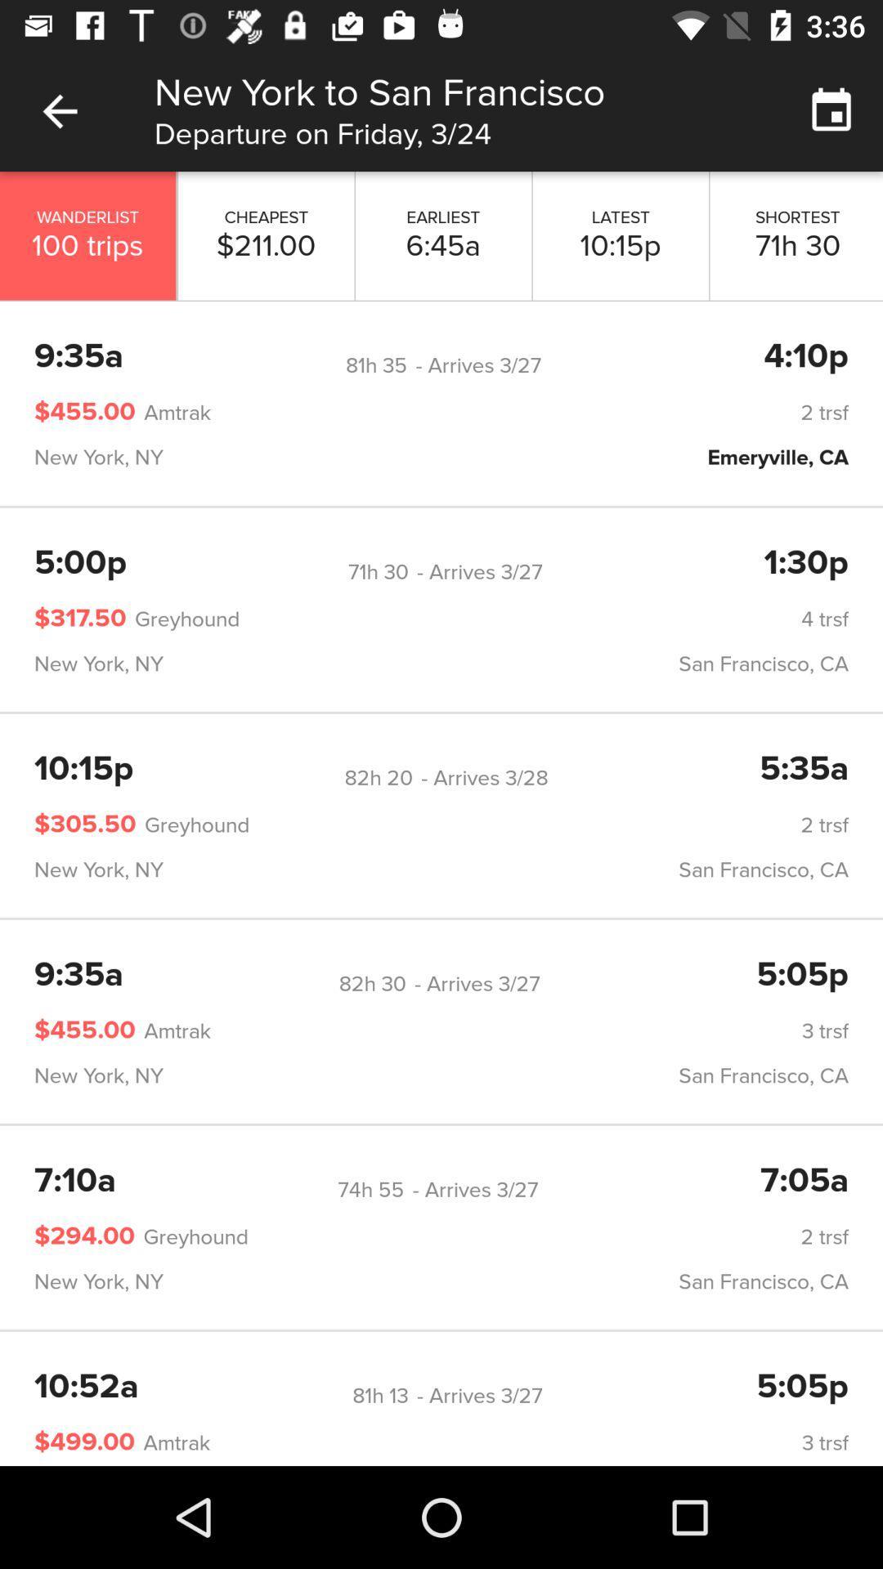 The height and width of the screenshot is (1569, 883). What do you see at coordinates (376, 364) in the screenshot?
I see `icon to the right of the 9:35a` at bounding box center [376, 364].